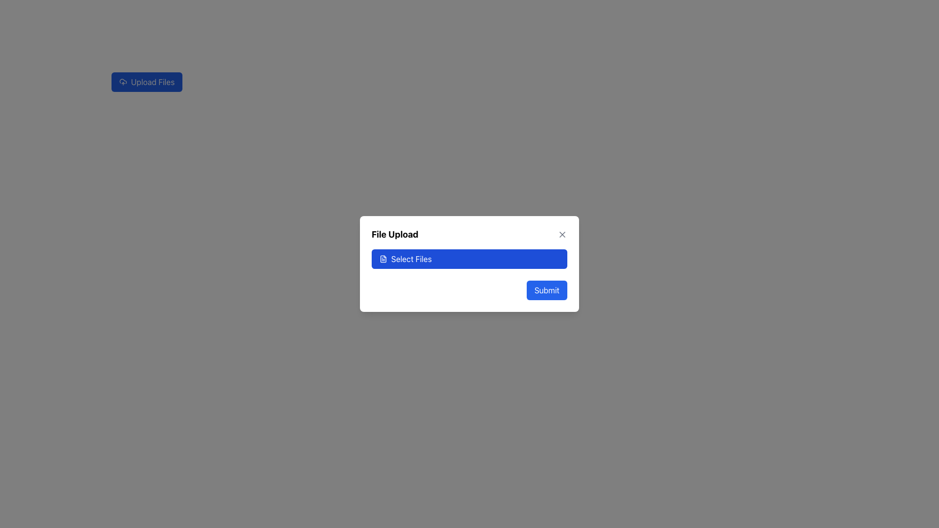 The width and height of the screenshot is (939, 528). I want to click on the Close or Cancel icon located in the top-right corner of the 'File Upload' modal, so click(562, 234).